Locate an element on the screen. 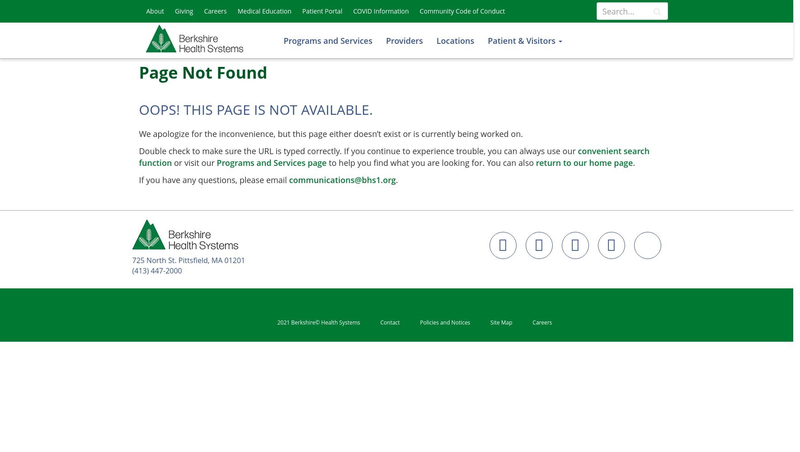 The height and width of the screenshot is (452, 800). 'Patient & Visitors' is located at coordinates (522, 40).